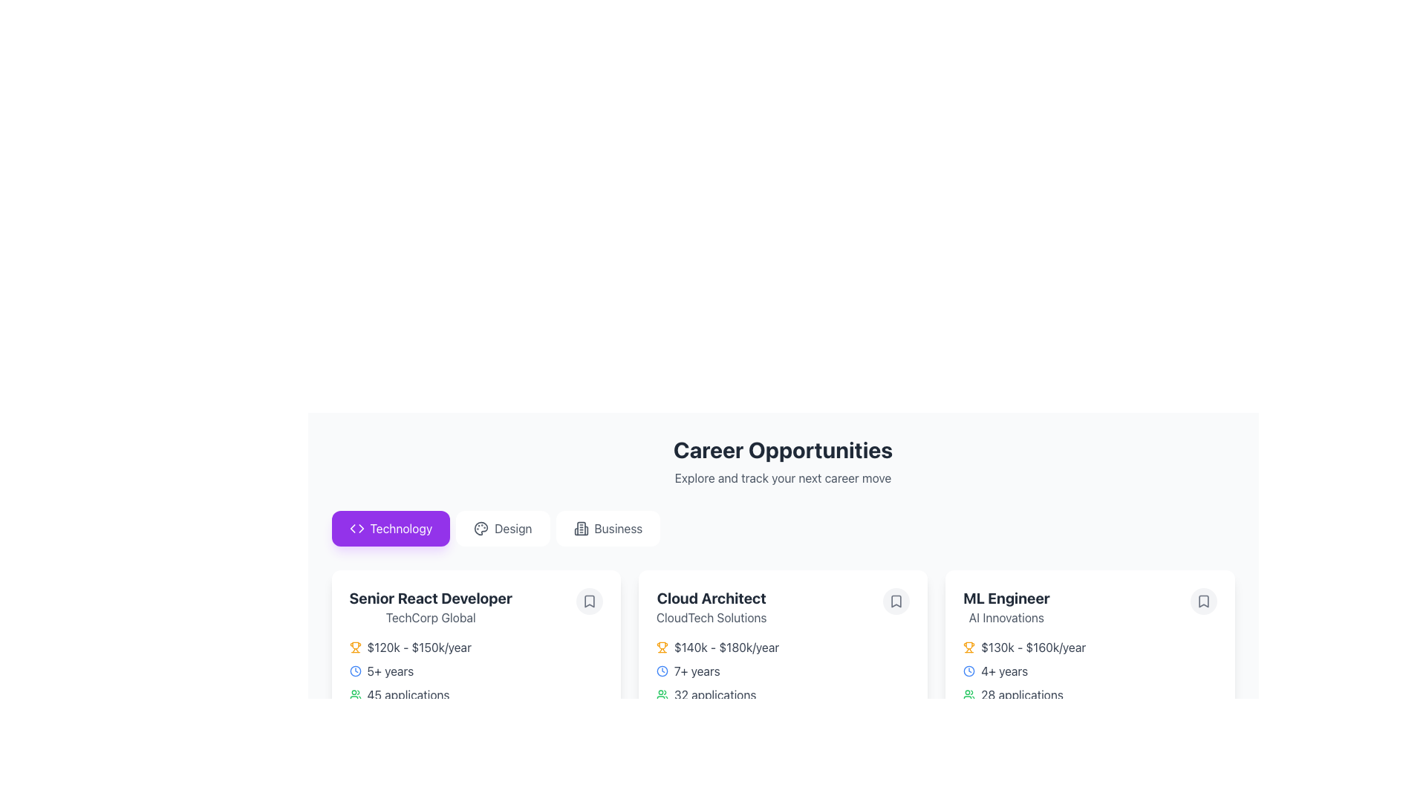  I want to click on the clock icon located to the left of the '7+ years' text within the 'Cloud Architect' job card, which represents time-related information, so click(661, 671).